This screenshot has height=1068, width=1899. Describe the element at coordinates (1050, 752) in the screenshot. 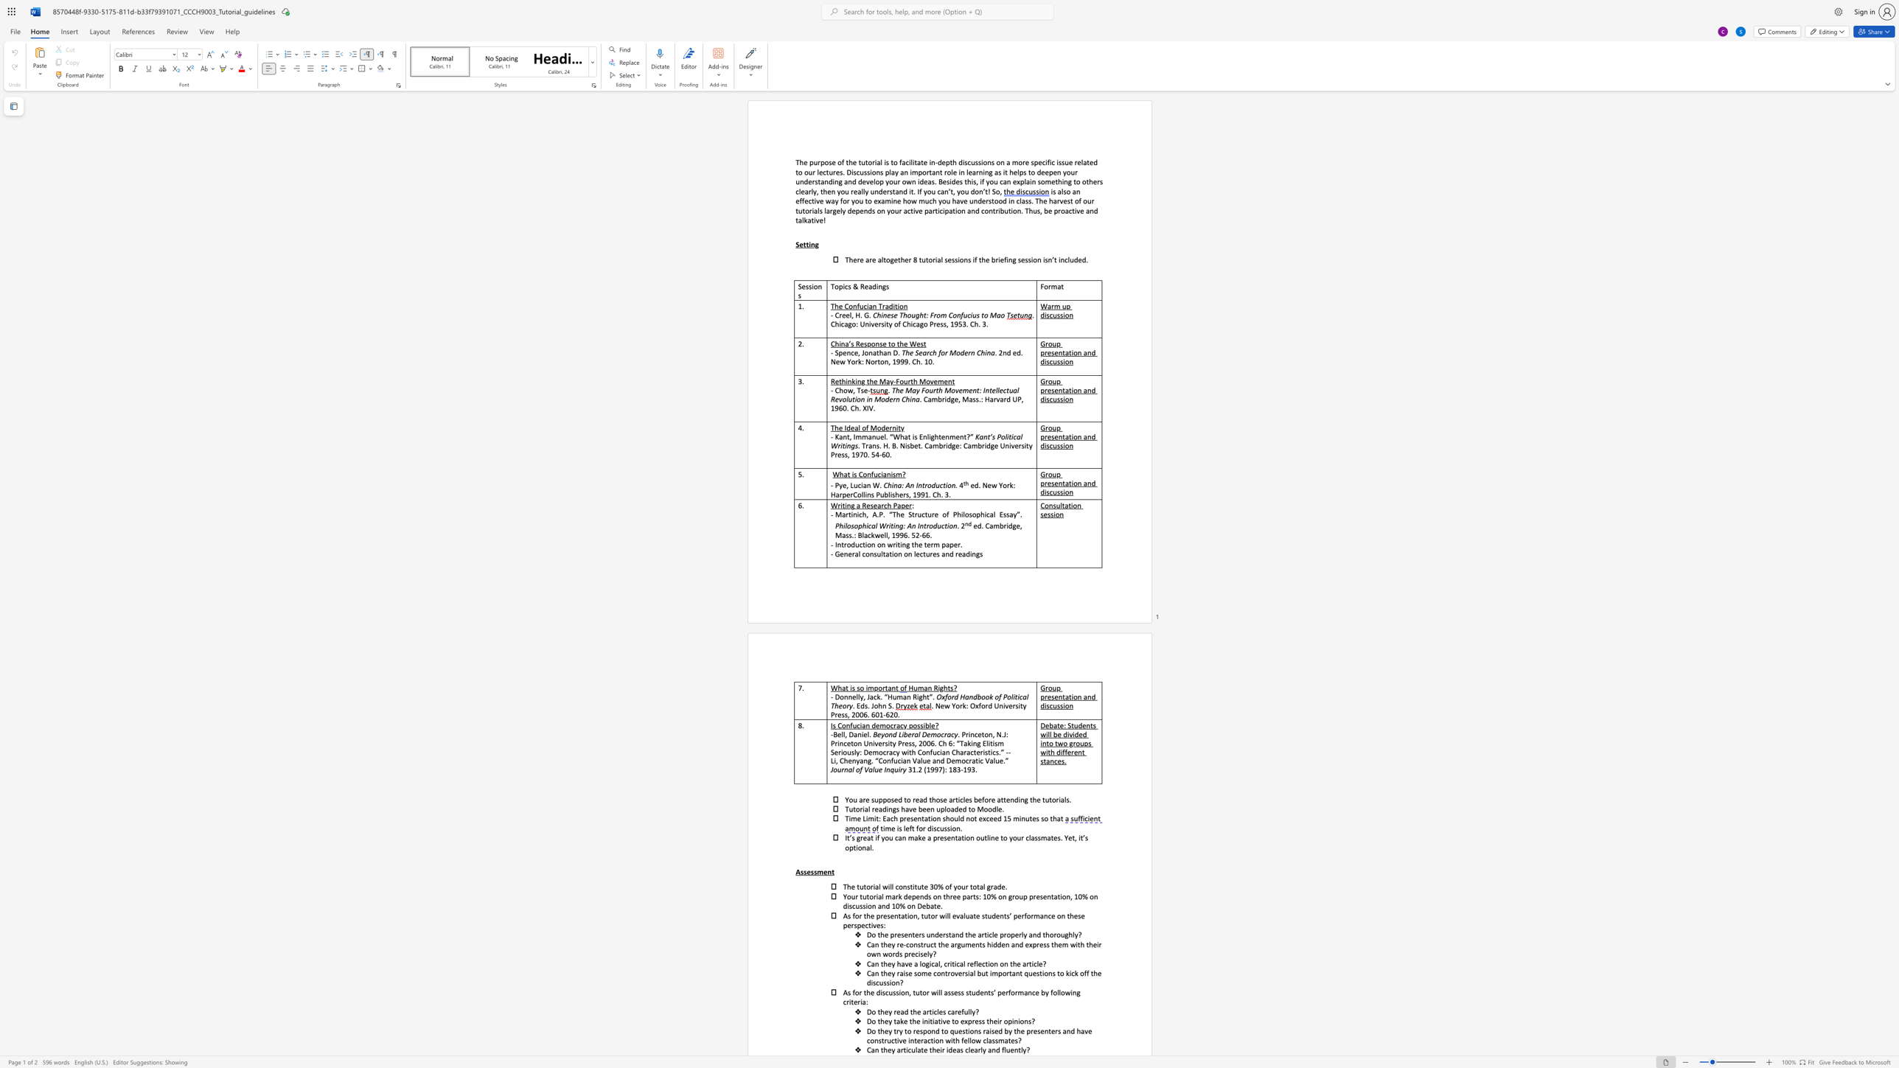

I see `the subset text "h diffe" within the text "Debate: Students will be divided into two groups with different stances."` at that location.